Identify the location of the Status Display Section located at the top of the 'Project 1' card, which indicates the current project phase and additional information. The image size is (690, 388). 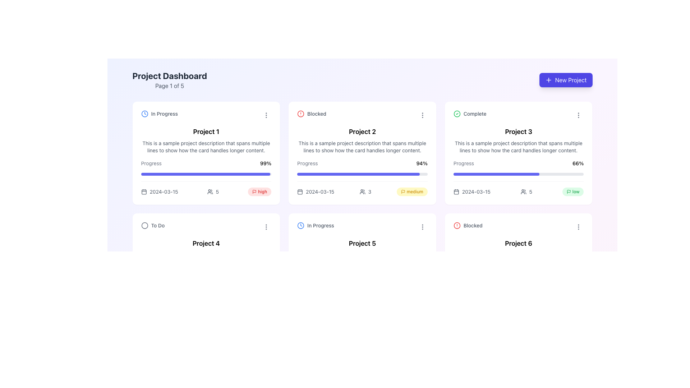
(206, 115).